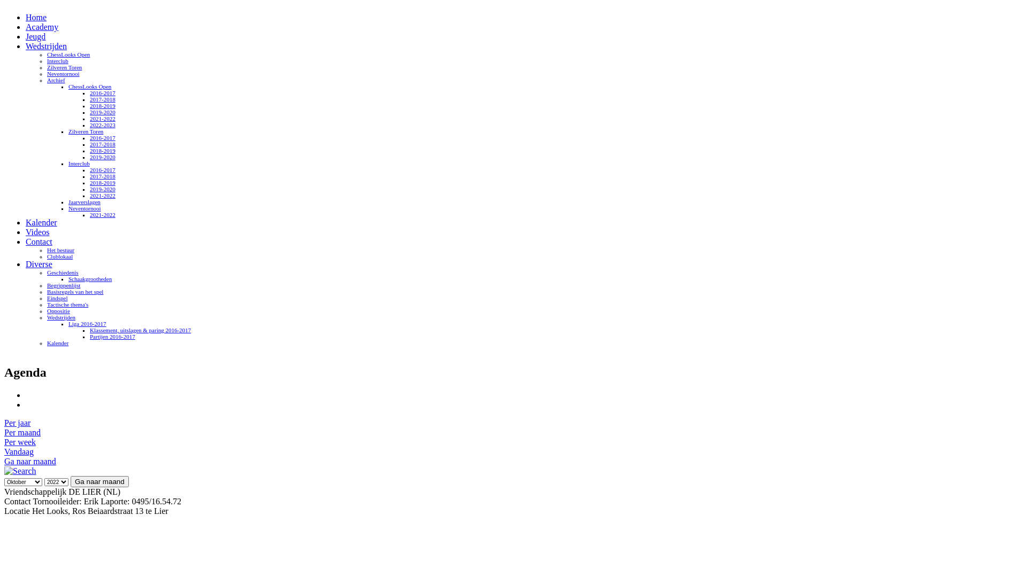  I want to click on 'Klassement, uitslagen & paring 2016-2017', so click(140, 329).